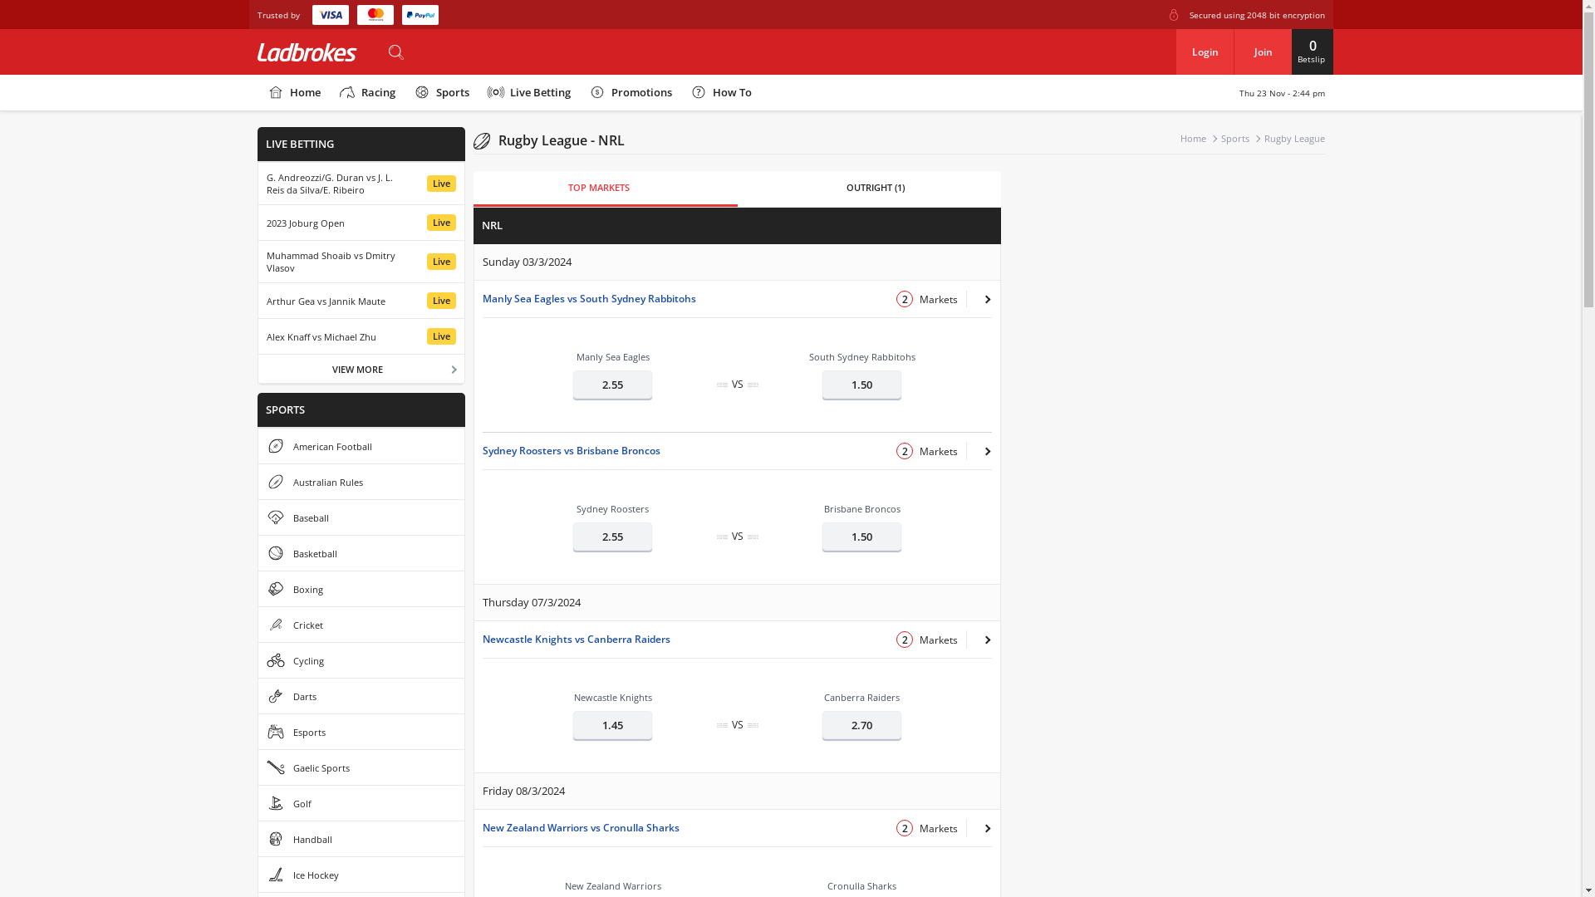 This screenshot has width=1595, height=897. Describe the element at coordinates (861, 384) in the screenshot. I see `'1.50'` at that location.